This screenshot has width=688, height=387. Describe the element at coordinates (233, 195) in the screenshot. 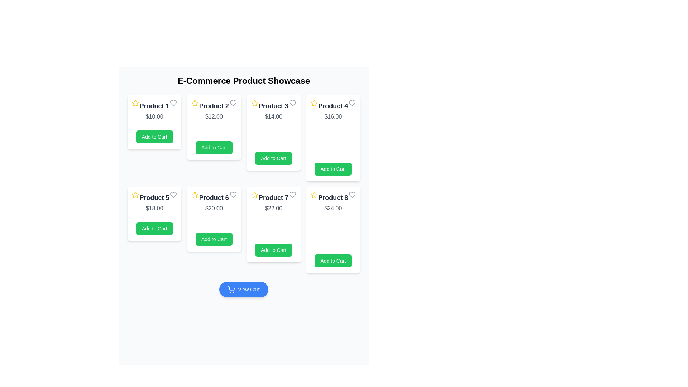

I see `the heart-shaped favorite button icon located in the top-right corner of the 'Product 6' card to favorite the product` at that location.